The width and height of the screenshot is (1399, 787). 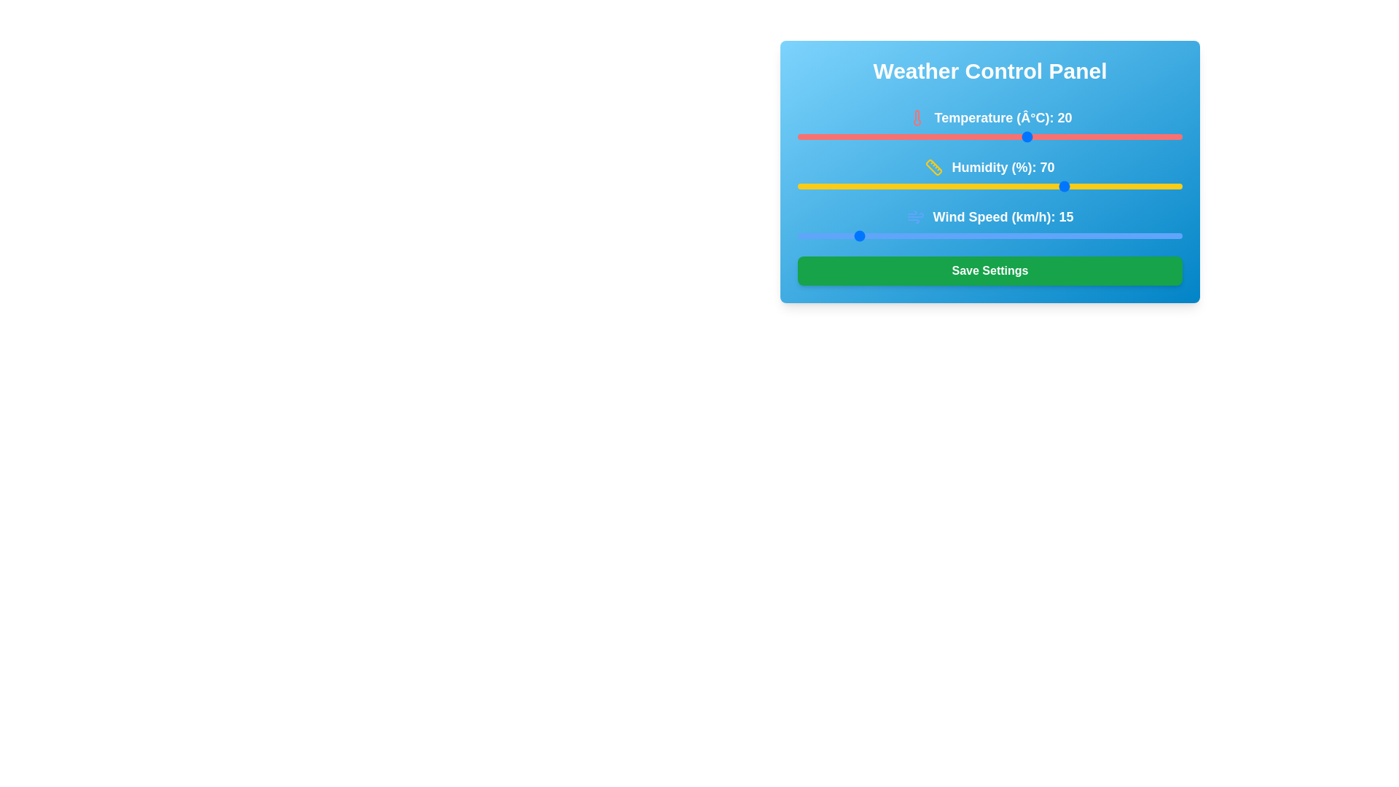 What do you see at coordinates (1097, 185) in the screenshot?
I see `the humidity slider` at bounding box center [1097, 185].